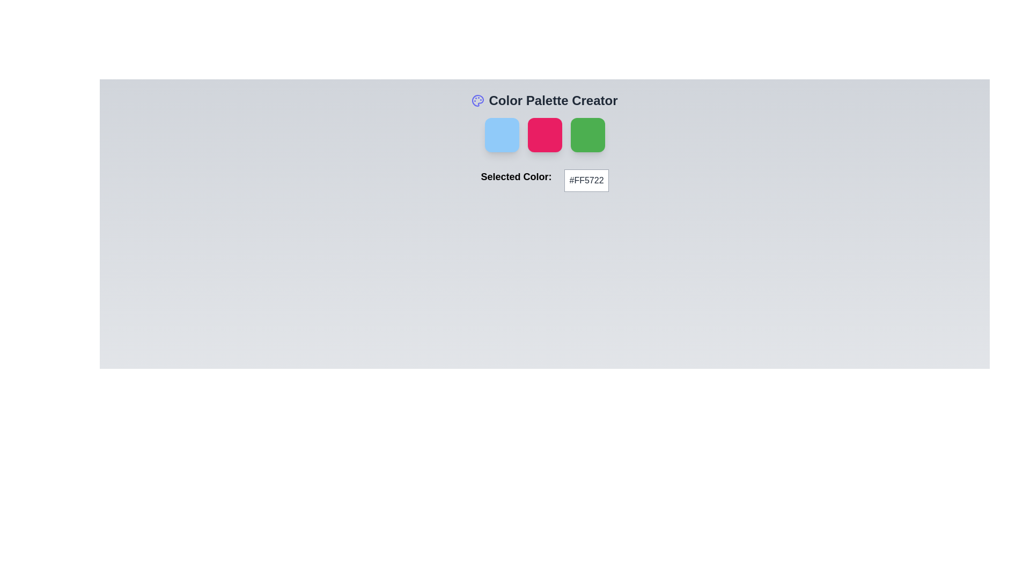  What do you see at coordinates (477, 101) in the screenshot?
I see `the Decorative SVG graphic that visually represents the color palette creation functionality, located in the top-left region of the interface above the color selection area, adjacent to the title text 'Color Palette Creator'` at bounding box center [477, 101].